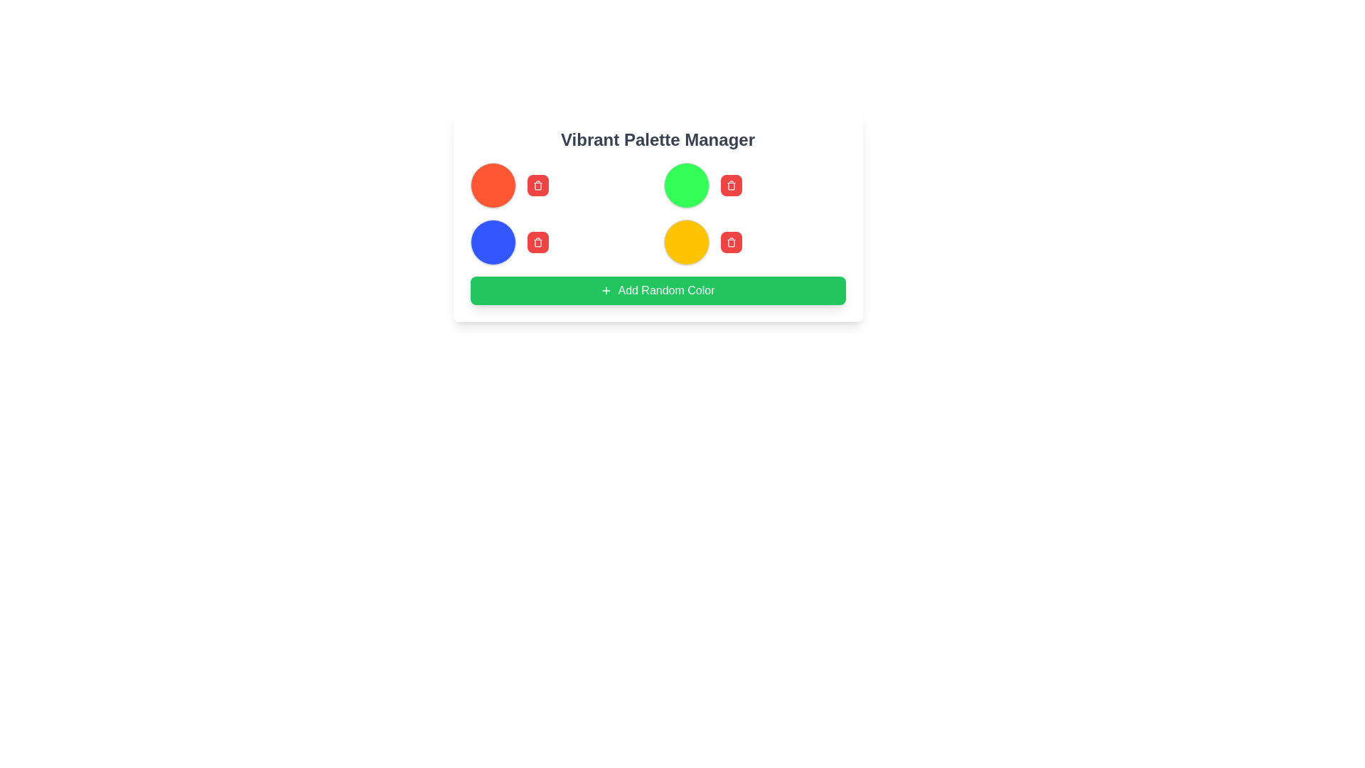 This screenshot has width=1365, height=768. What do you see at coordinates (731, 185) in the screenshot?
I see `the red rounded rectangle button with a white trash can icon` at bounding box center [731, 185].